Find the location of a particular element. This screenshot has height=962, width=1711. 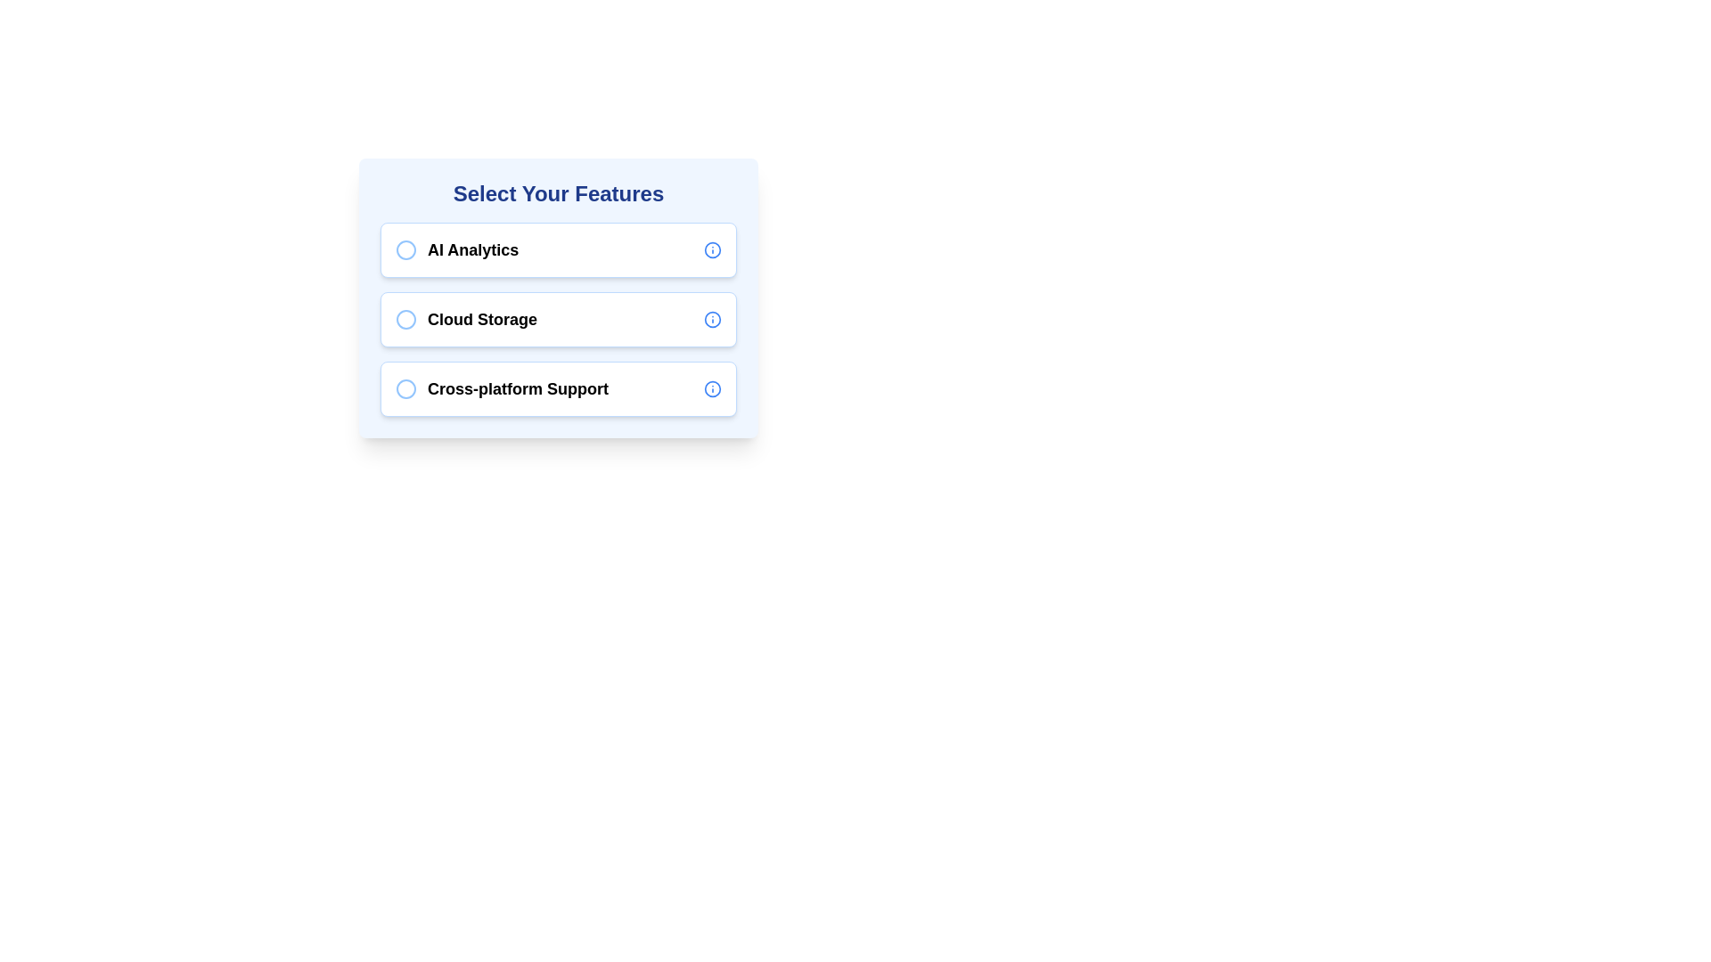

the text label 'Cross-platform Support', which is styled in a bold sans-serif font and positioned adjacent to a radio button is located at coordinates (501, 387).